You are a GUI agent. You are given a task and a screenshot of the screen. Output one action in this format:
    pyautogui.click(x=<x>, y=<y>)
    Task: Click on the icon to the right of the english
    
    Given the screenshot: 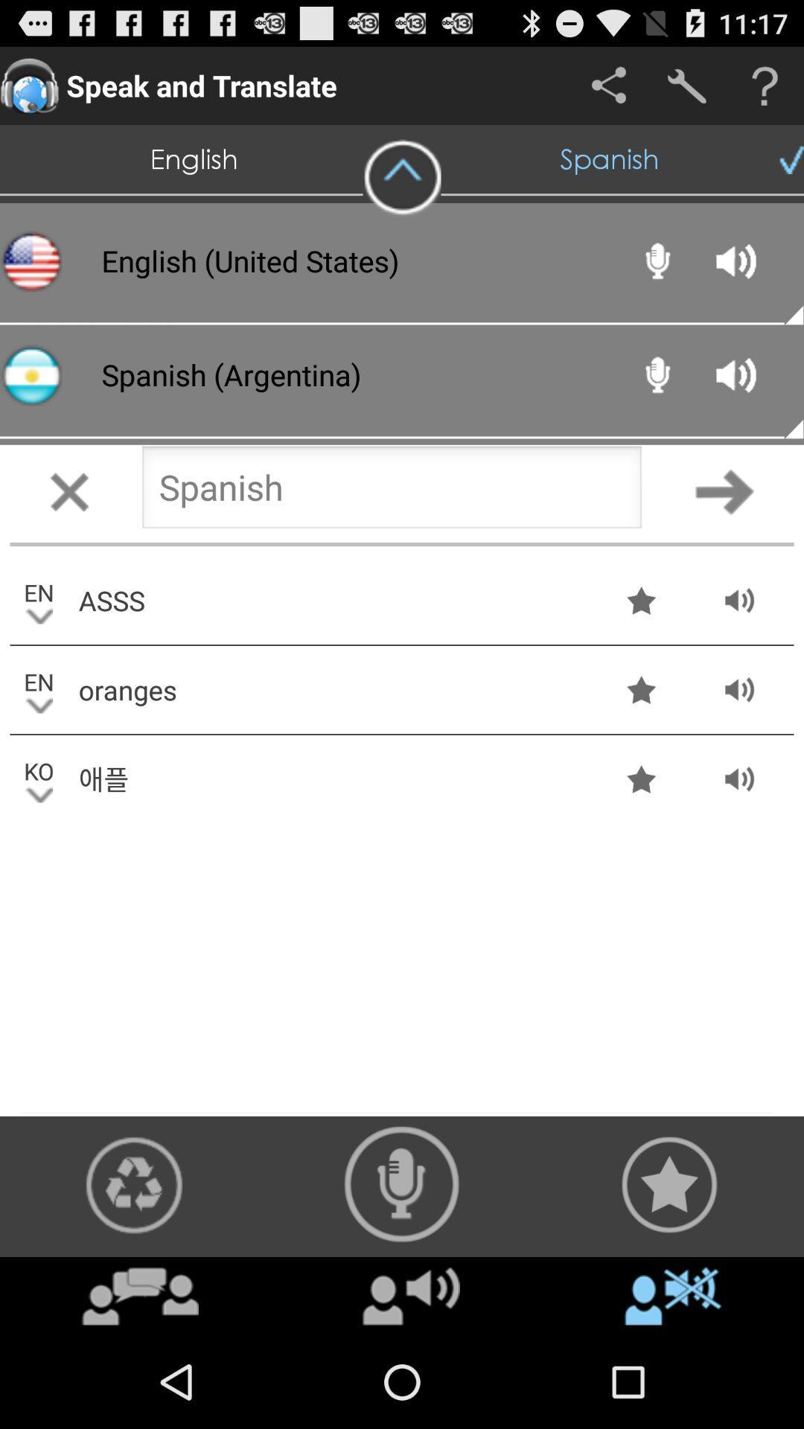 What is the action you would take?
    pyautogui.click(x=402, y=178)
    